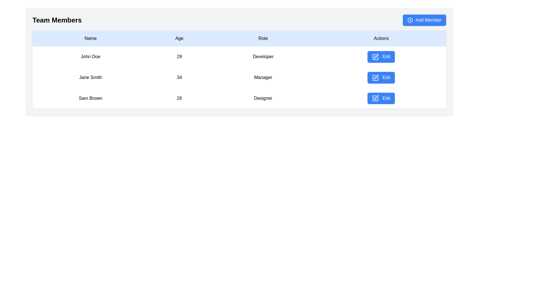 This screenshot has width=547, height=308. What do you see at coordinates (375, 57) in the screenshot?
I see `the small blue pen icon embedded within the 'Edit' button in the 'Actions' column of the first row for the team member 'John Doe'` at bounding box center [375, 57].